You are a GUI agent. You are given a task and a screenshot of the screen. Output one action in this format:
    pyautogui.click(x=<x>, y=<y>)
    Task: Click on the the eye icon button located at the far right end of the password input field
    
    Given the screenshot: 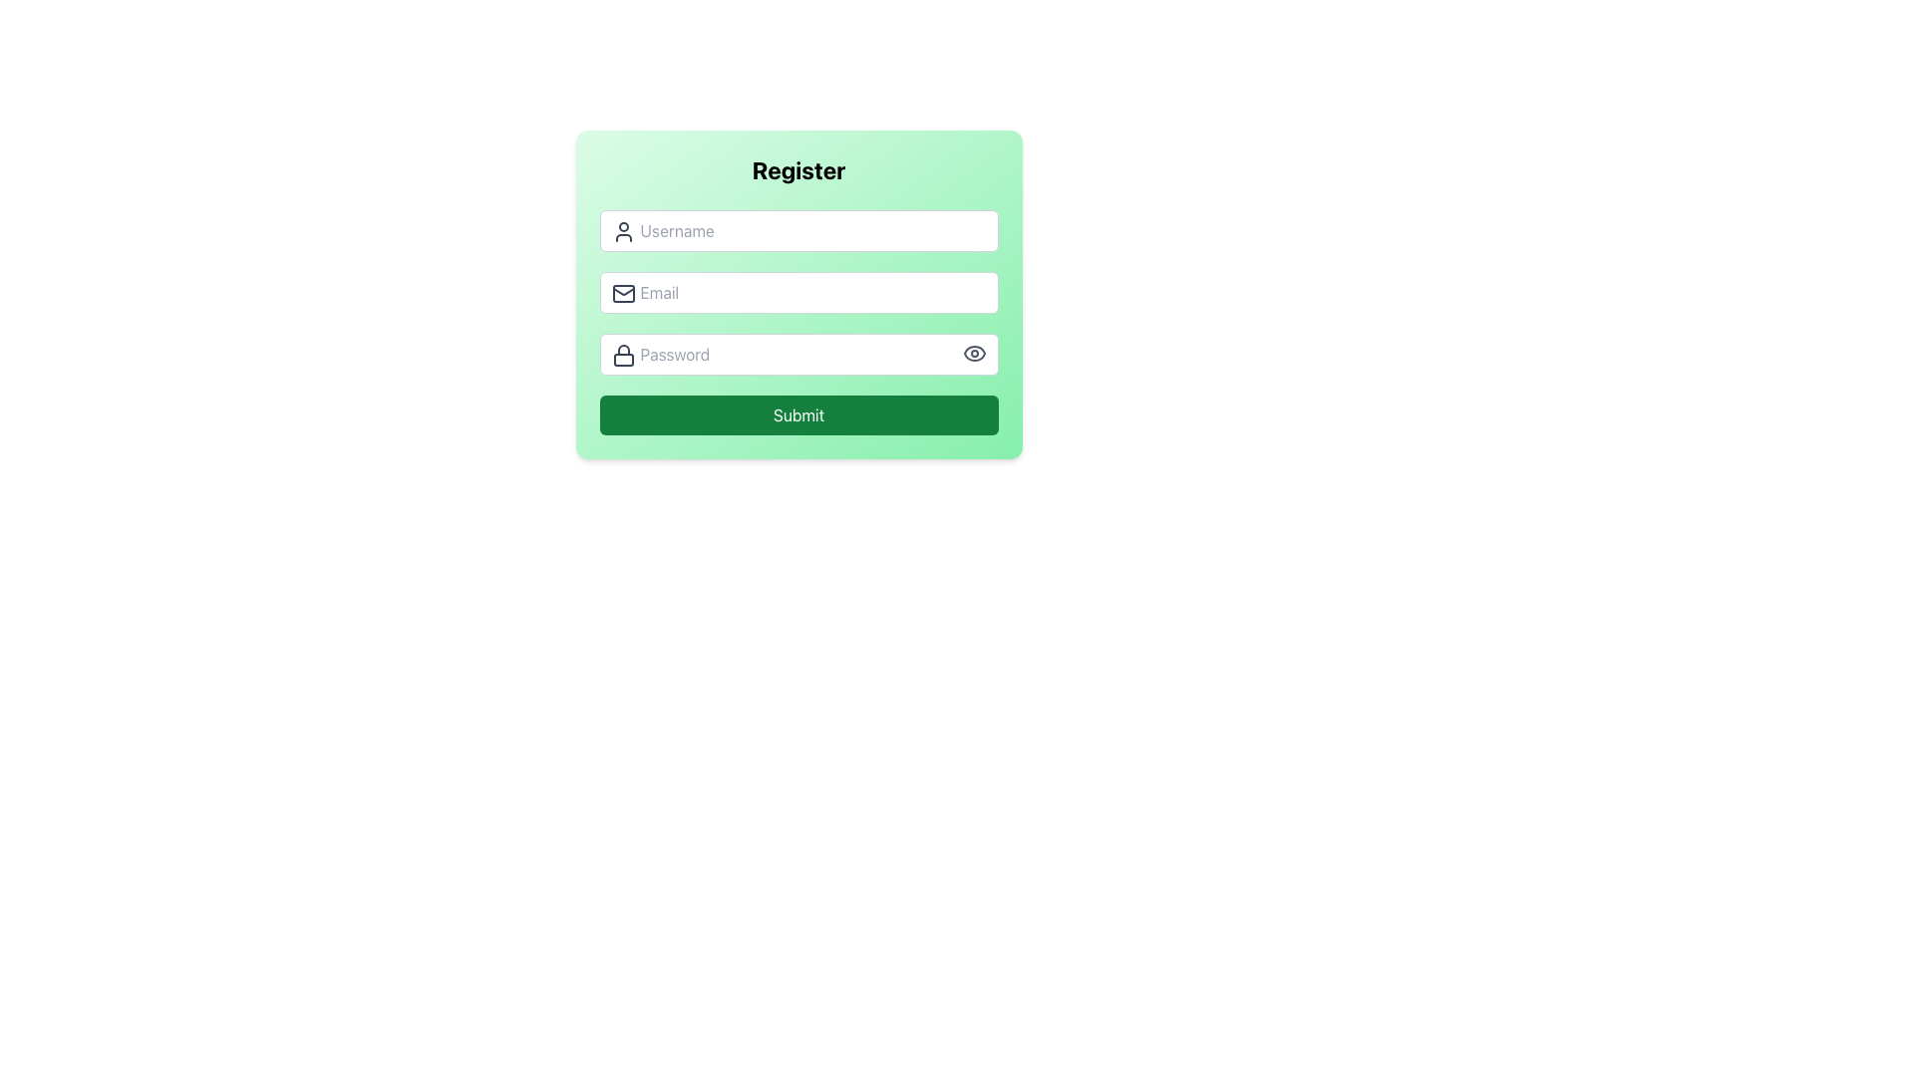 What is the action you would take?
    pyautogui.click(x=974, y=352)
    